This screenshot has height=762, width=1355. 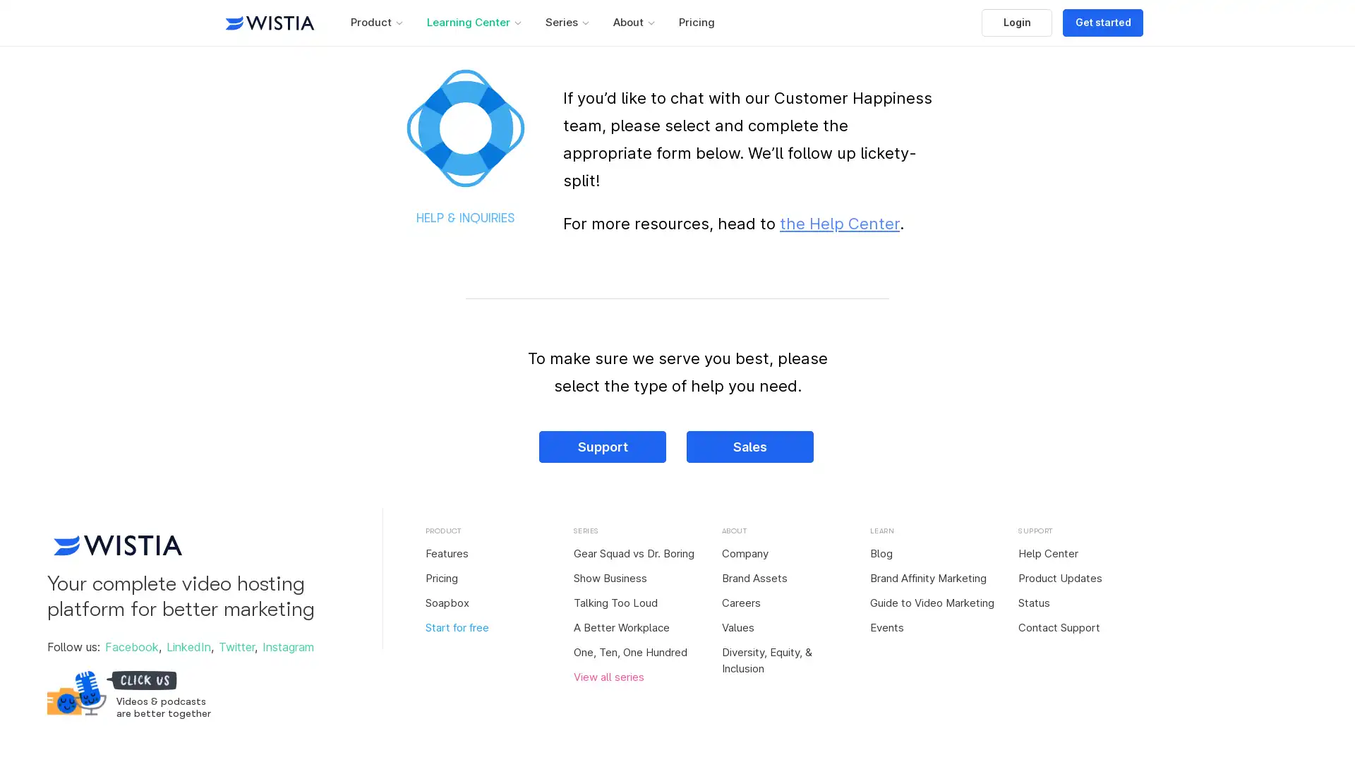 I want to click on Product, so click(x=375, y=23).